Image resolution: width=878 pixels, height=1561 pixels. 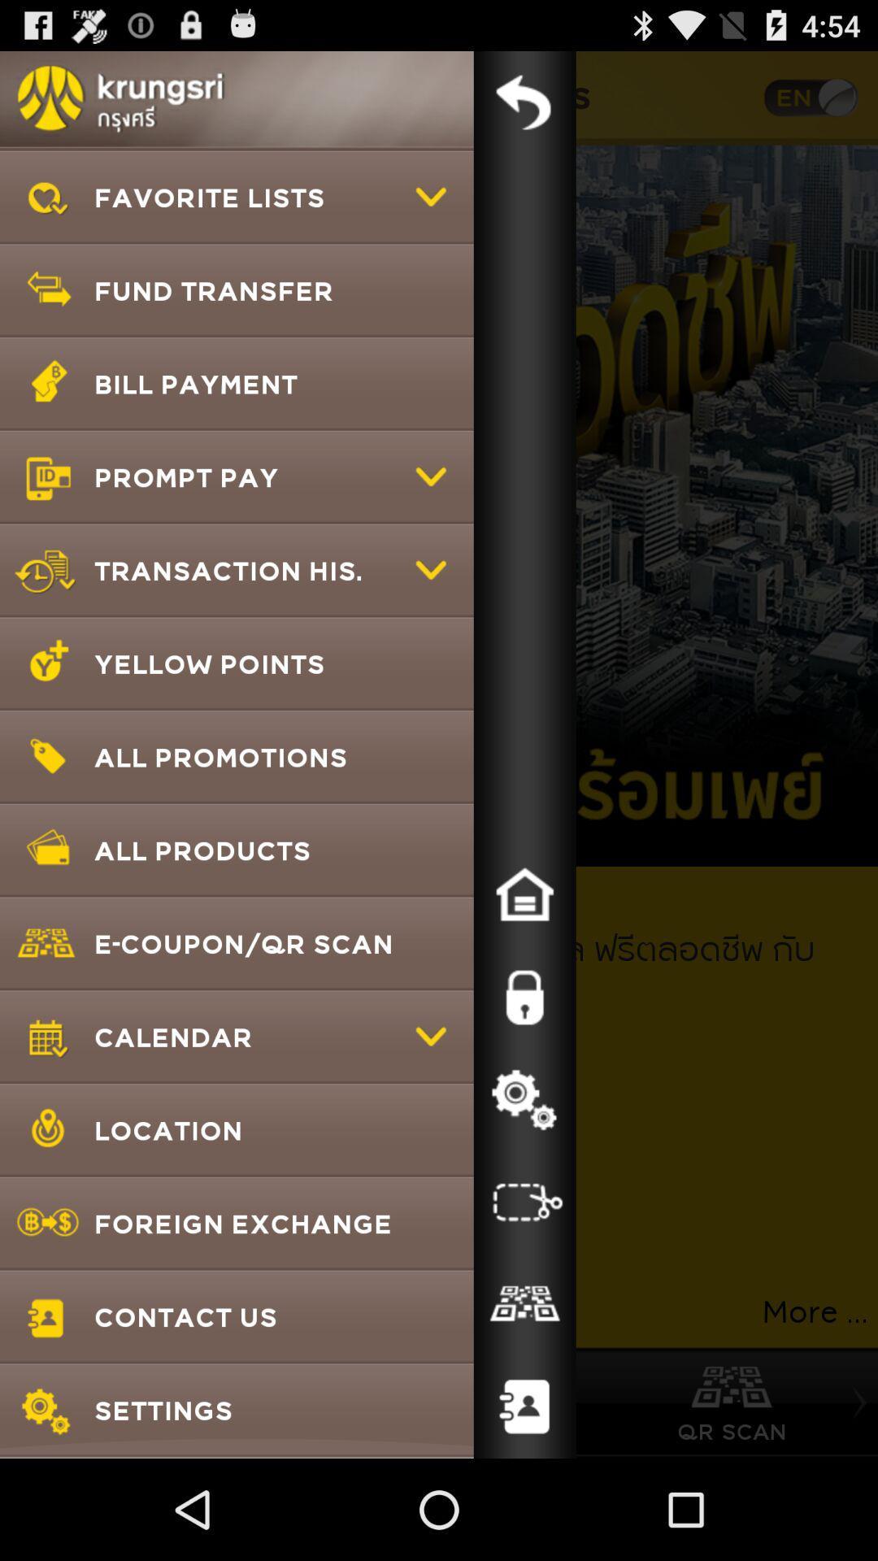 I want to click on the undo icon, so click(x=524, y=108).